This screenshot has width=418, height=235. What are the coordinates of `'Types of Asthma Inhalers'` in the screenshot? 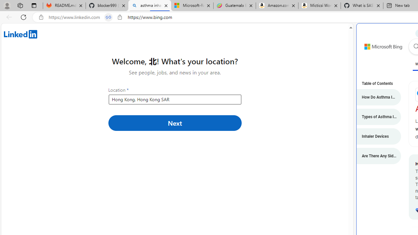 It's located at (376, 116).